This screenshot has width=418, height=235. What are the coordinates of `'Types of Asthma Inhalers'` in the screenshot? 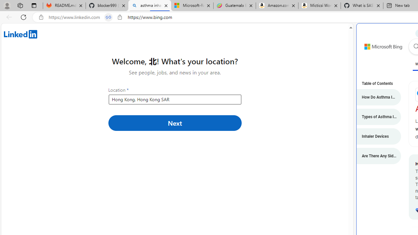 It's located at (376, 116).